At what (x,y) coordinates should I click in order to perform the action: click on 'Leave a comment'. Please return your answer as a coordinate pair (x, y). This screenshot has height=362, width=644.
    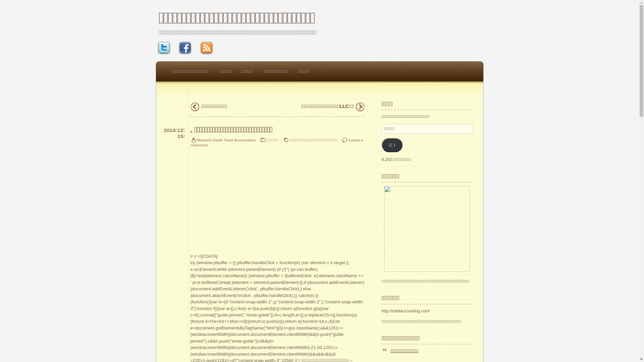
    Looking at the image, I should click on (277, 143).